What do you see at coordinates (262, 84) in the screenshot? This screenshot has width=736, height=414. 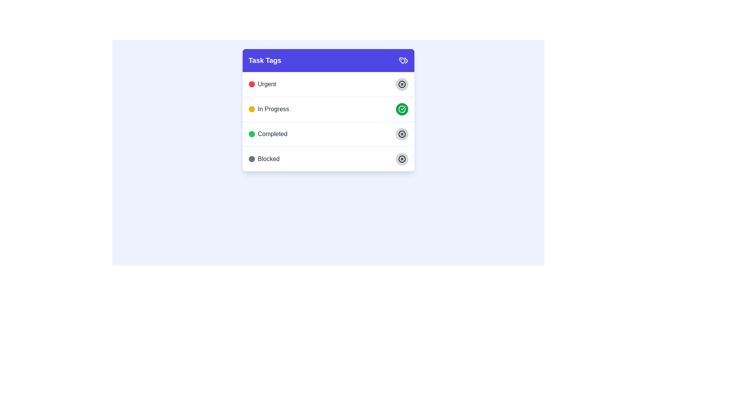 I see `the 'Urgent' labeled tag, which features a round red icon and bold dark gray text, located at the top of the 'Task Tags' section` at bounding box center [262, 84].